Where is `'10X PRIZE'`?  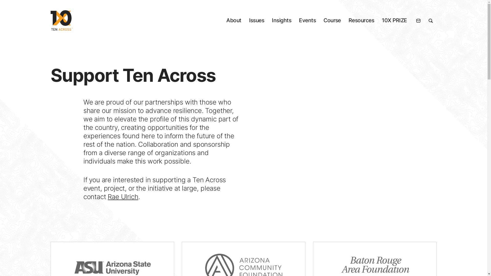 '10X PRIZE' is located at coordinates (382, 20).